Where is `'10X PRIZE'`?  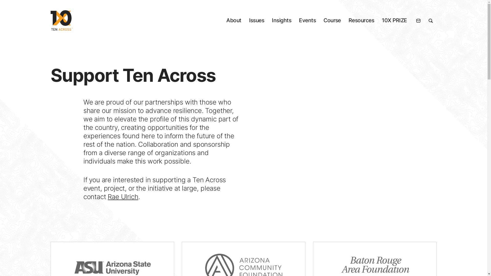 '10X PRIZE' is located at coordinates (382, 20).